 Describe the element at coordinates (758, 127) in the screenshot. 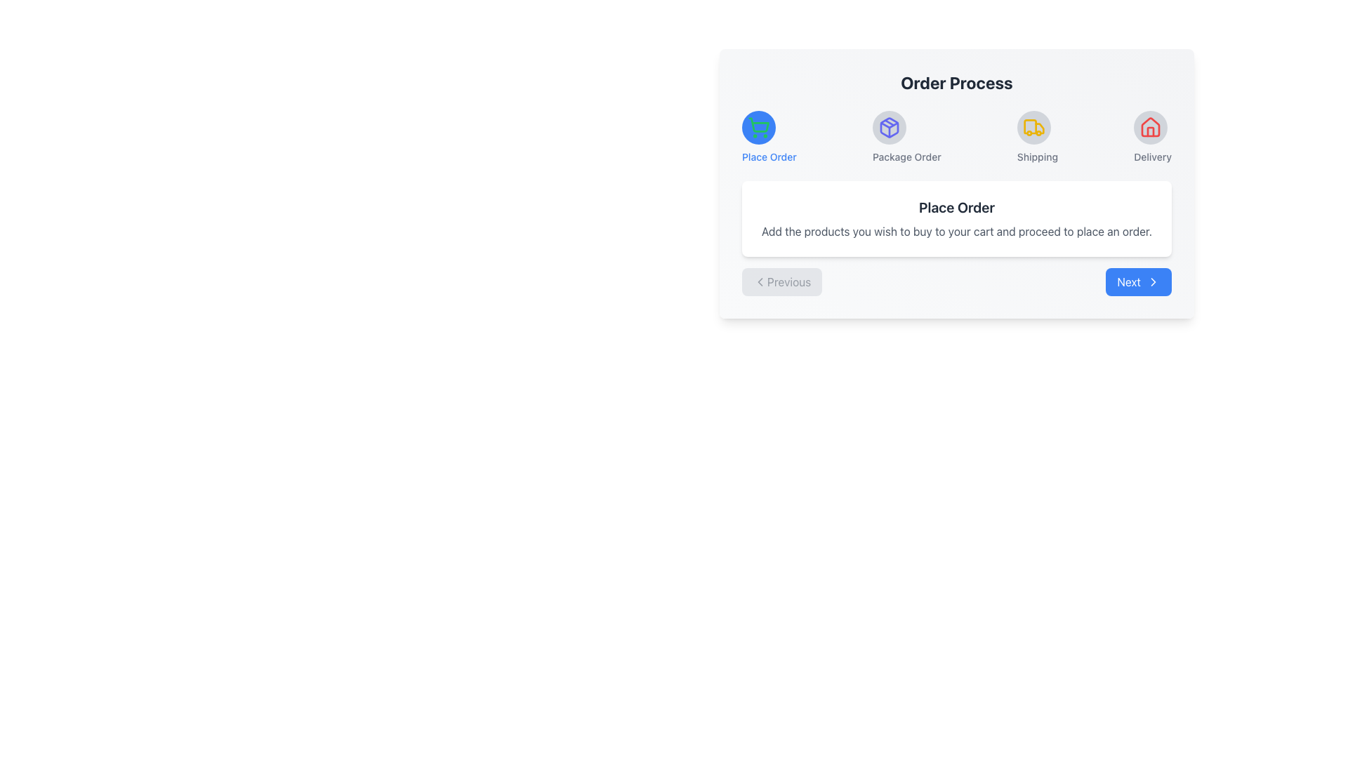

I see `the shopping cart icon, which is the first step in the 'Order Process' sequence, marked with a green outline and a blue circular background` at that location.